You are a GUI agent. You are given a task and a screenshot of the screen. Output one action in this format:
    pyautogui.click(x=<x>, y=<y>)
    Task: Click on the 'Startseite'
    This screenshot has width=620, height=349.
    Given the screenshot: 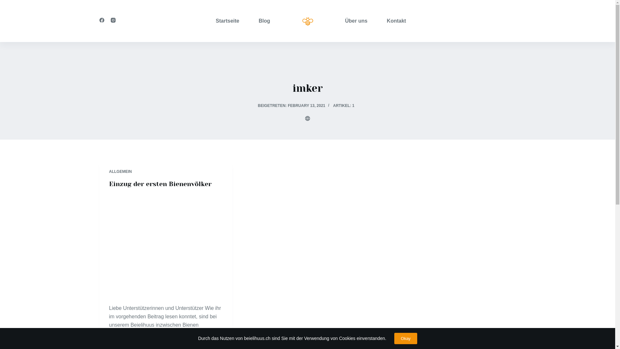 What is the action you would take?
    pyautogui.click(x=232, y=21)
    